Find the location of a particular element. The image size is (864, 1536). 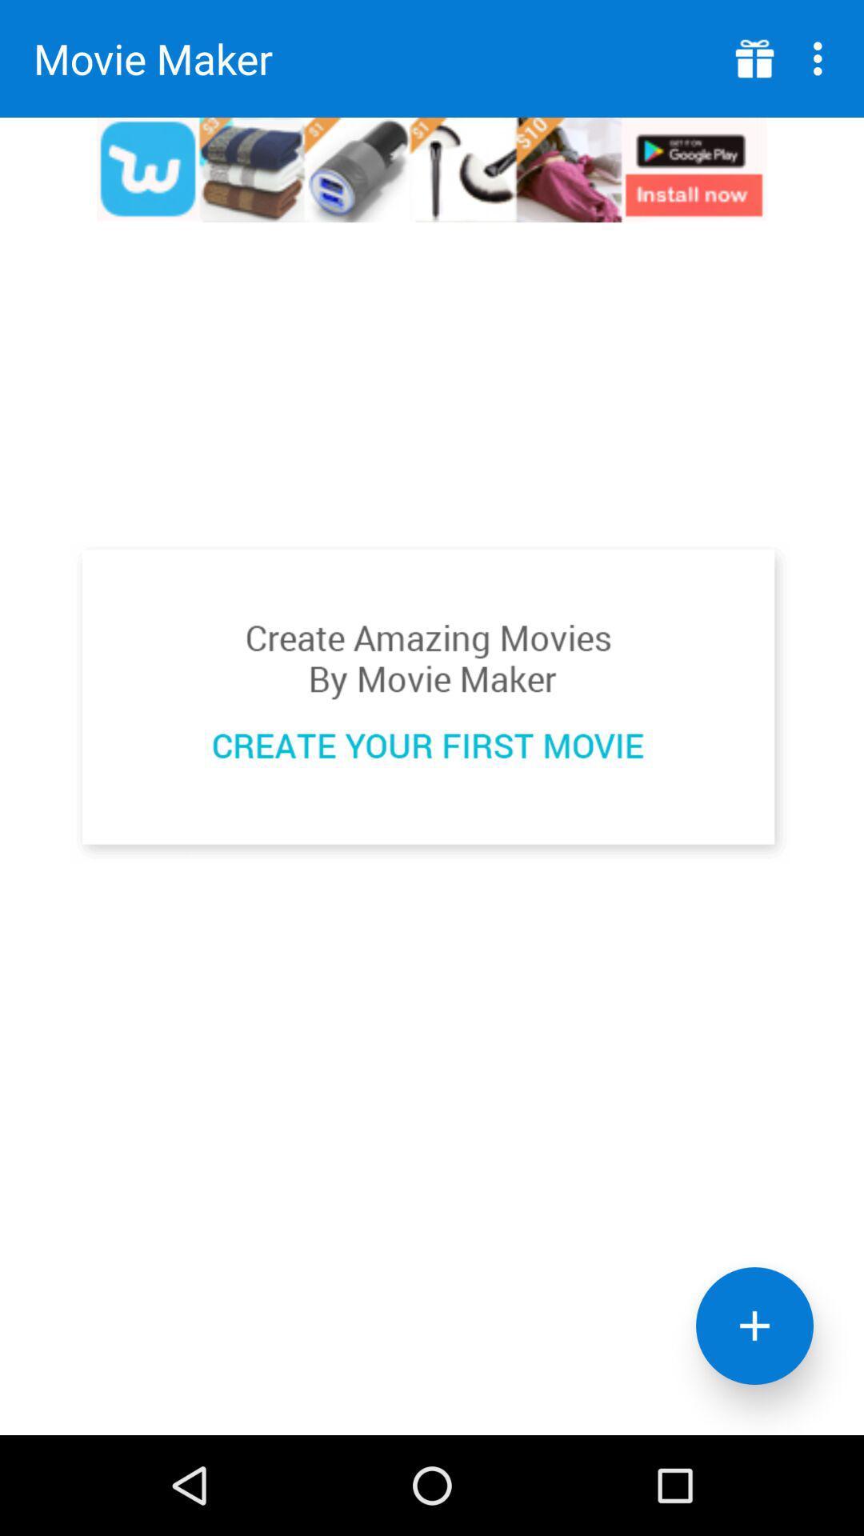

advertisement is located at coordinates (754, 58).